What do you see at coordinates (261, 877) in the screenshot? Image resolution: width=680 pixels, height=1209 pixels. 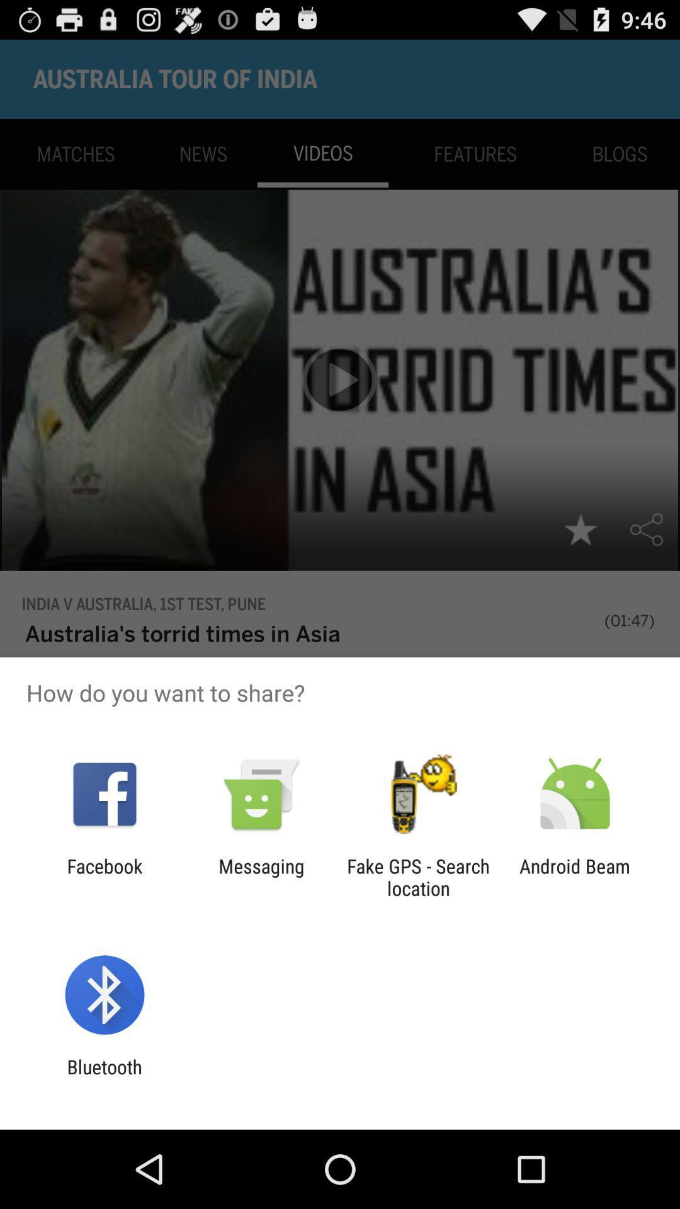 I see `messaging` at bounding box center [261, 877].